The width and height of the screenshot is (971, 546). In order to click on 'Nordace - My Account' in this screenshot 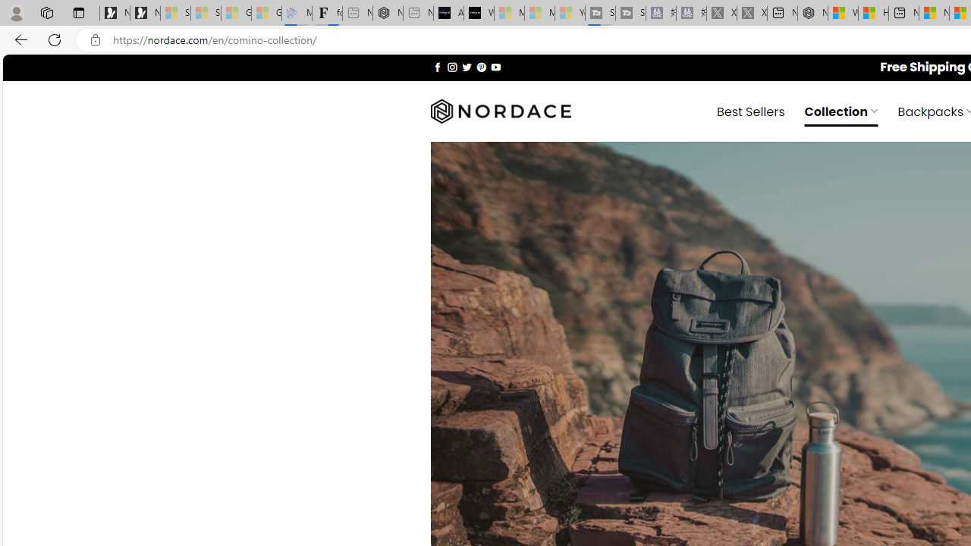, I will do `click(812, 13)`.